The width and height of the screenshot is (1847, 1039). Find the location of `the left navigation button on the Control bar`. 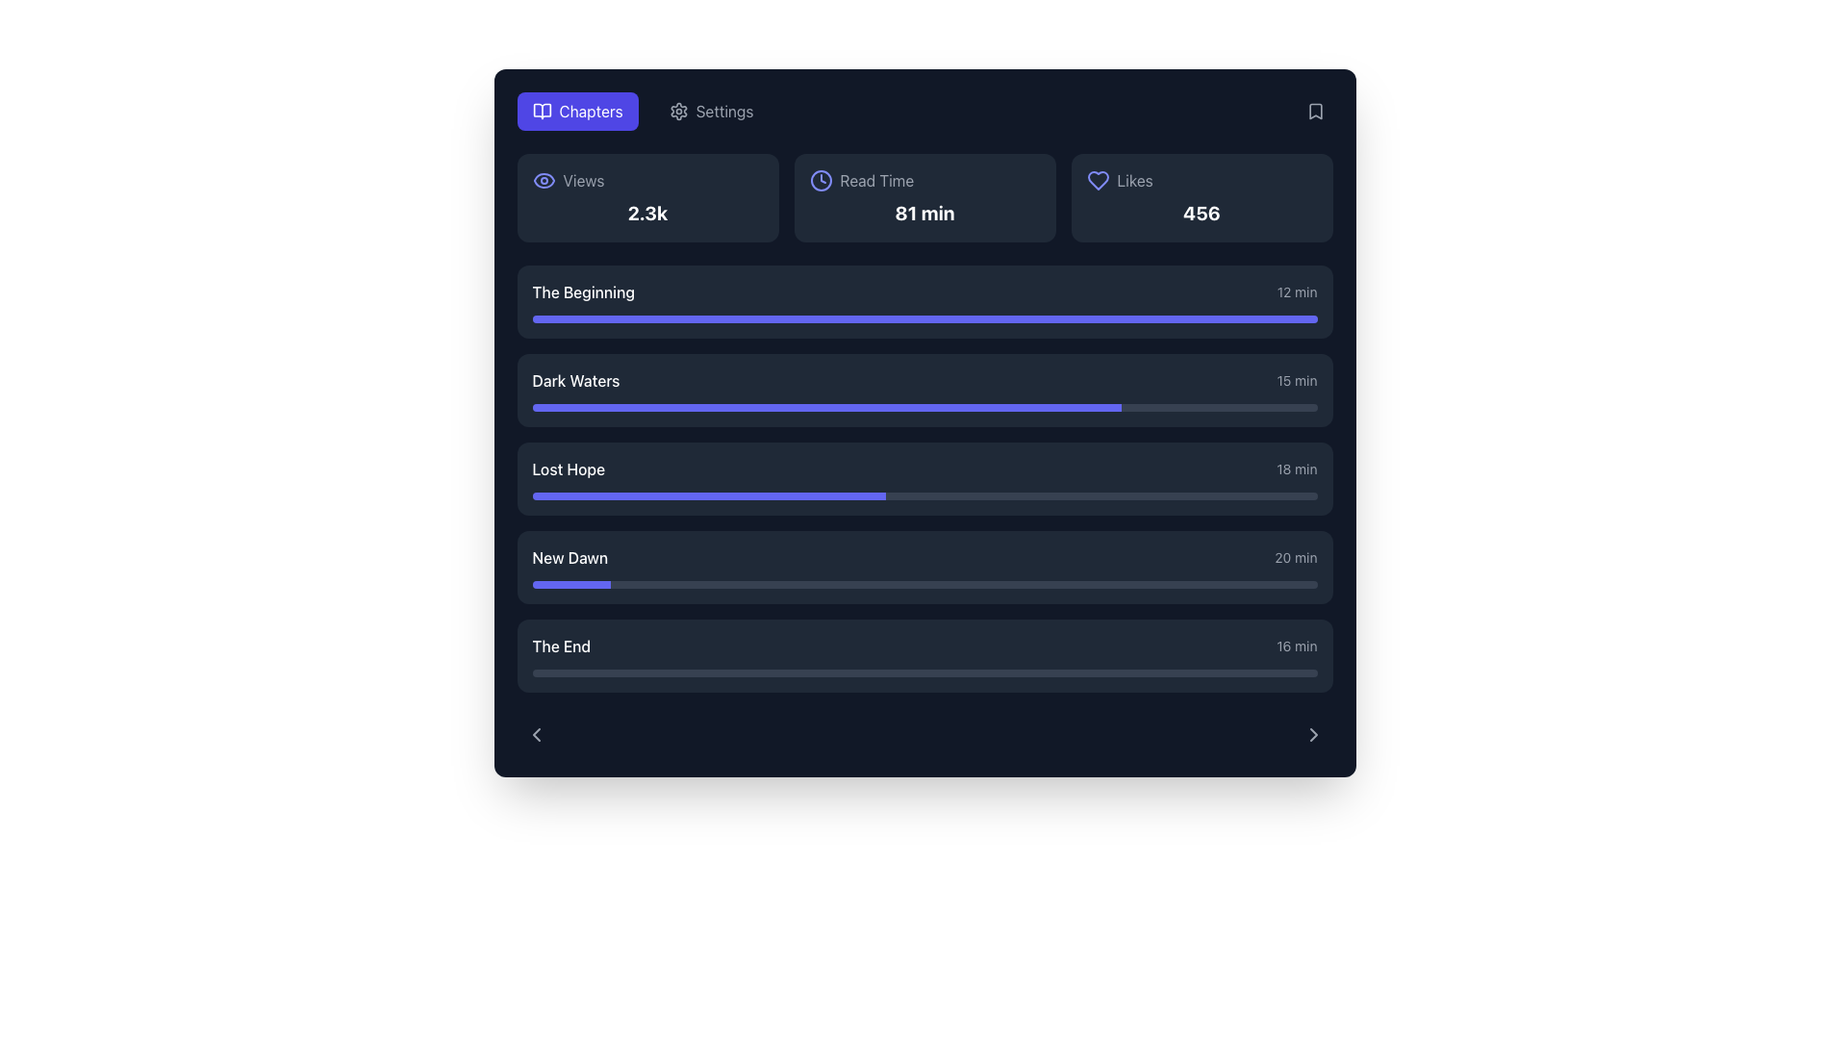

the left navigation button on the Control bar is located at coordinates (924, 734).